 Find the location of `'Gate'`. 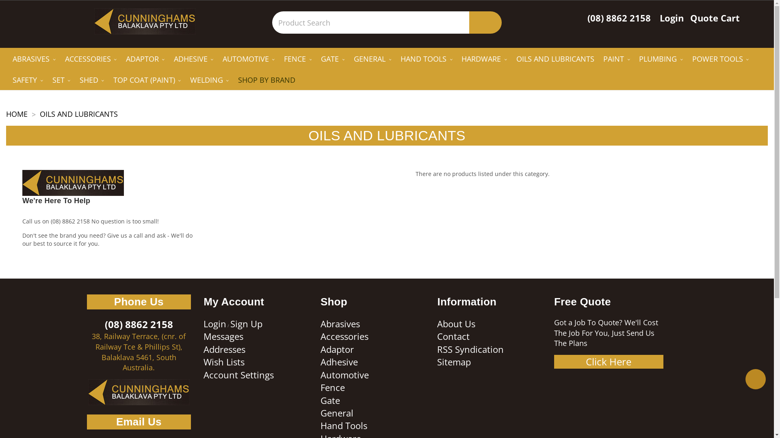

'Gate' is located at coordinates (330, 400).